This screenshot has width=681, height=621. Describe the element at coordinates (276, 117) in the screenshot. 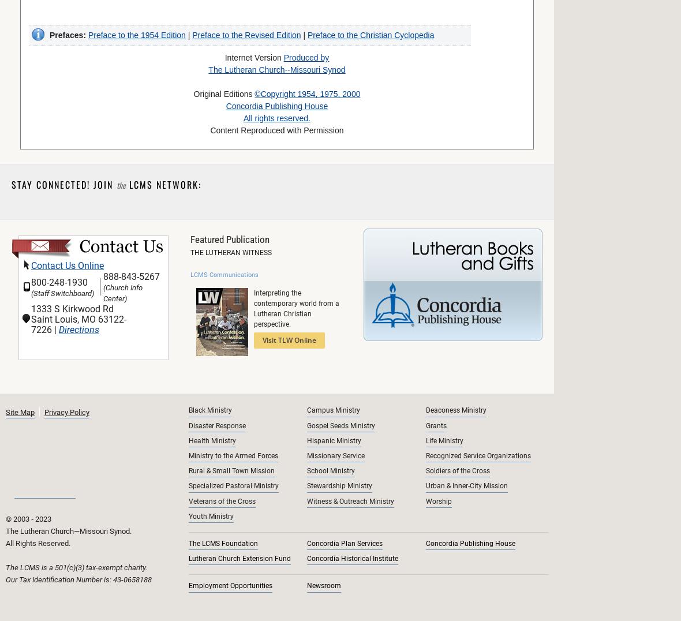

I see `'All rights reserved.'` at that location.